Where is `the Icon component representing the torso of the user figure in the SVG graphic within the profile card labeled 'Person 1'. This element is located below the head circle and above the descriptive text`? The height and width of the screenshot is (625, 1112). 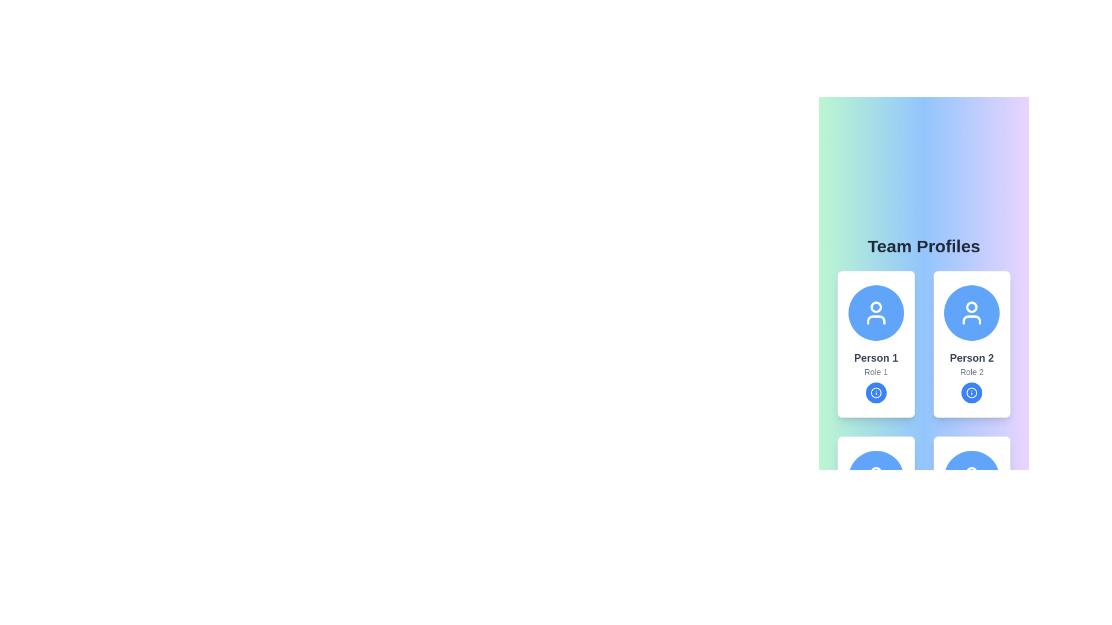 the Icon component representing the torso of the user figure in the SVG graphic within the profile card labeled 'Person 1'. This element is located below the head circle and above the descriptive text is located at coordinates (876, 319).